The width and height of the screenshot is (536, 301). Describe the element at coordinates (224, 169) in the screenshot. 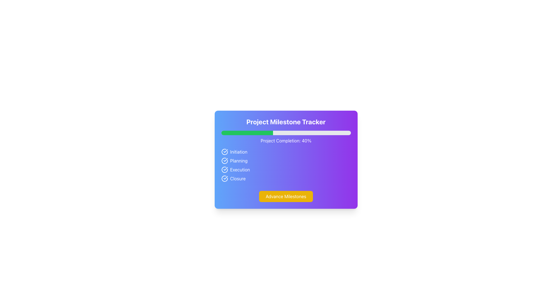

I see `the circular checkmark icon located to the left of the 'Execution' milestone text in the vertical list of milestones` at that location.